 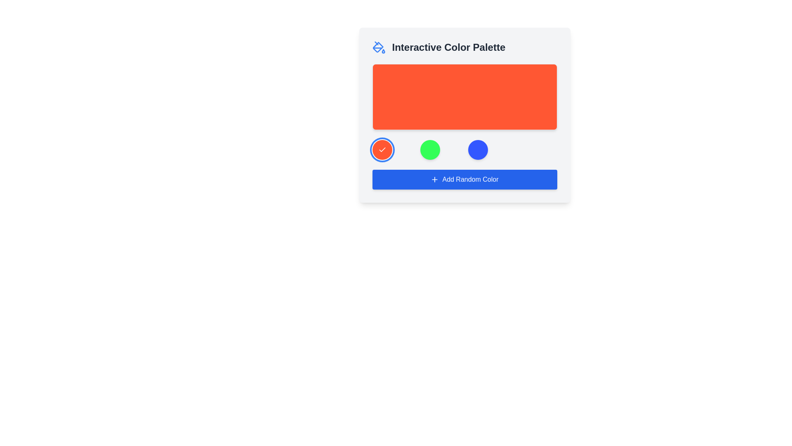 I want to click on the displayed color in the interactive visual display area located below the title 'Interactive Color Palette', so click(x=464, y=97).